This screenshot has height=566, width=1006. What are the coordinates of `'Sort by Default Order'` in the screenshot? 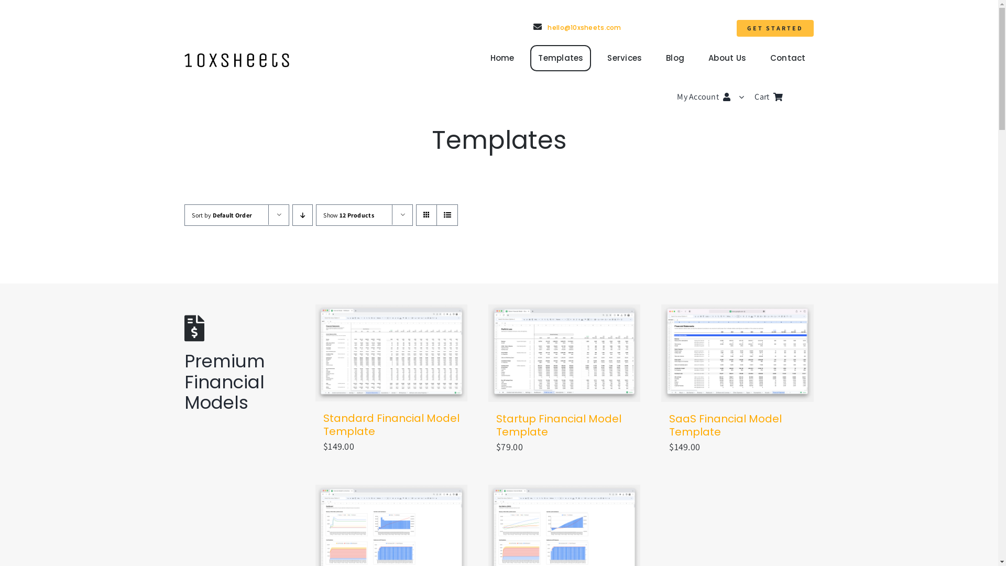 It's located at (221, 214).